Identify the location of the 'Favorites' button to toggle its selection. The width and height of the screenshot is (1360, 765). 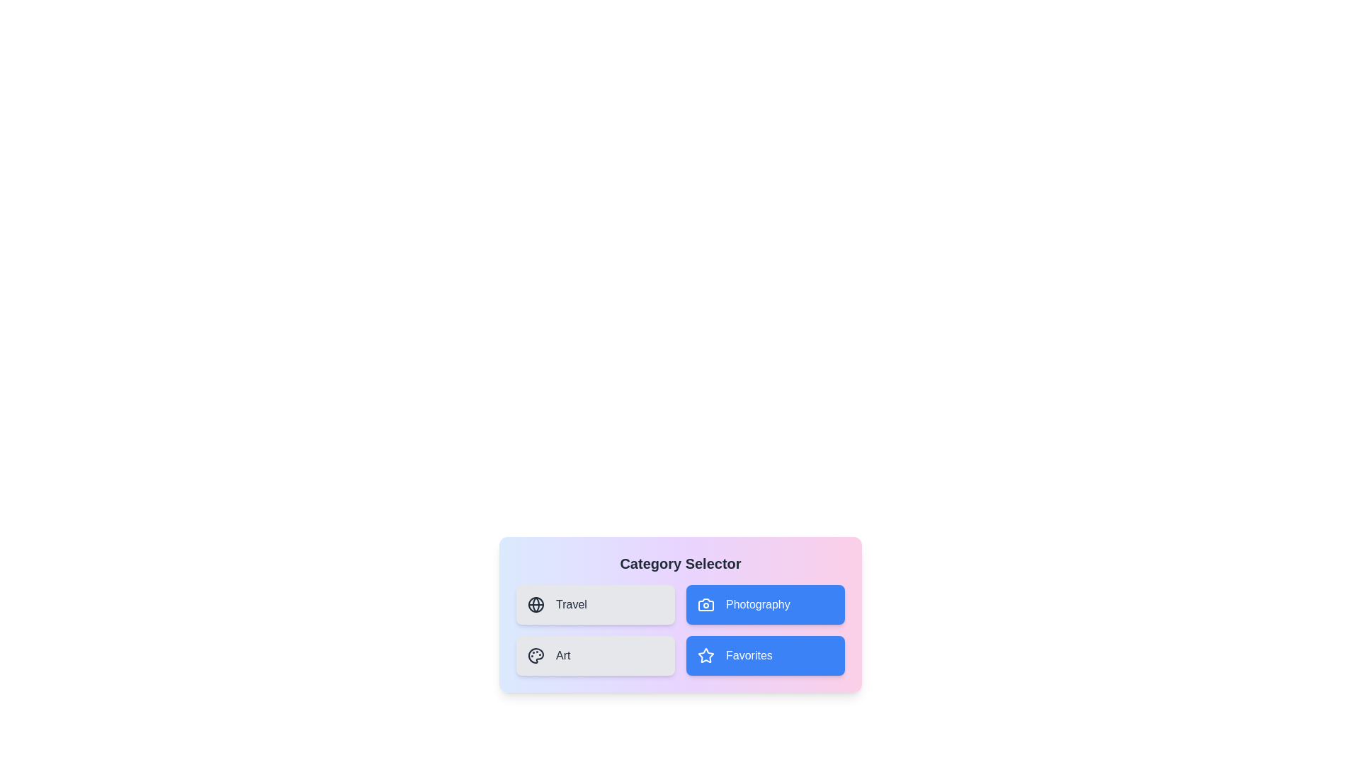
(764, 655).